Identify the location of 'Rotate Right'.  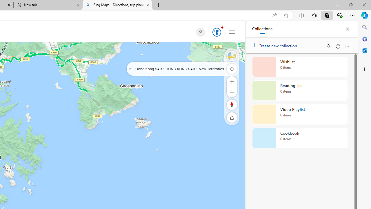
(226, 105).